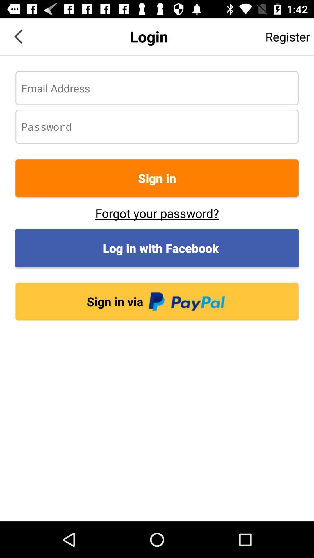  What do you see at coordinates (157, 213) in the screenshot?
I see `button below the sign in item` at bounding box center [157, 213].